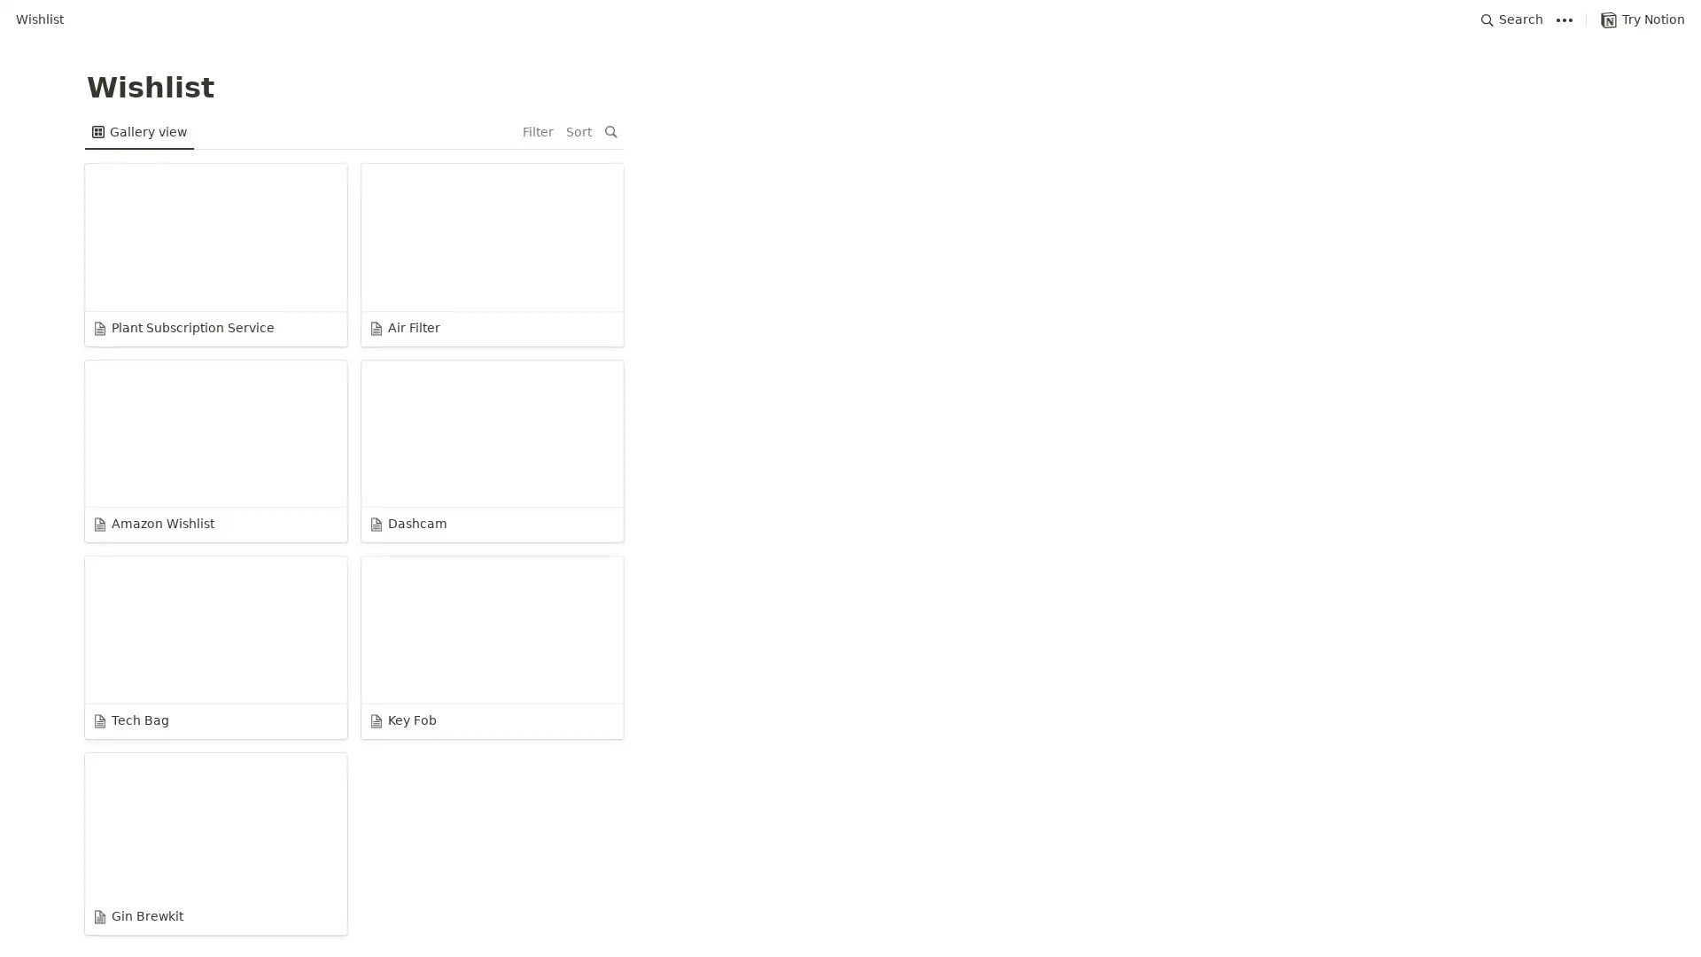 The height and width of the screenshot is (957, 1701). Describe the element at coordinates (206, 262) in the screenshot. I see `Drag image to reposition Plant Subscription Service 1` at that location.